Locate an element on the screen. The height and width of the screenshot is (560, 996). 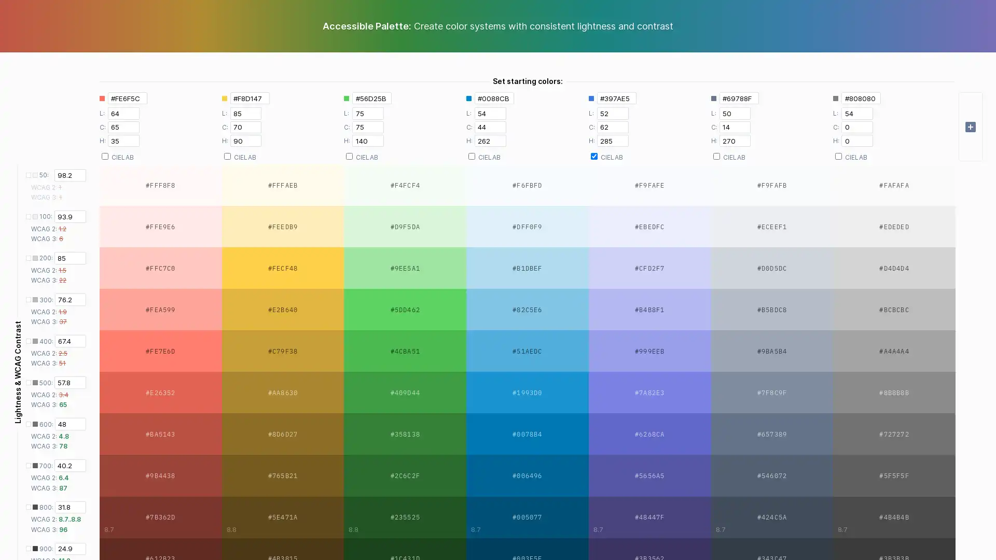
Add color is located at coordinates (970, 126).